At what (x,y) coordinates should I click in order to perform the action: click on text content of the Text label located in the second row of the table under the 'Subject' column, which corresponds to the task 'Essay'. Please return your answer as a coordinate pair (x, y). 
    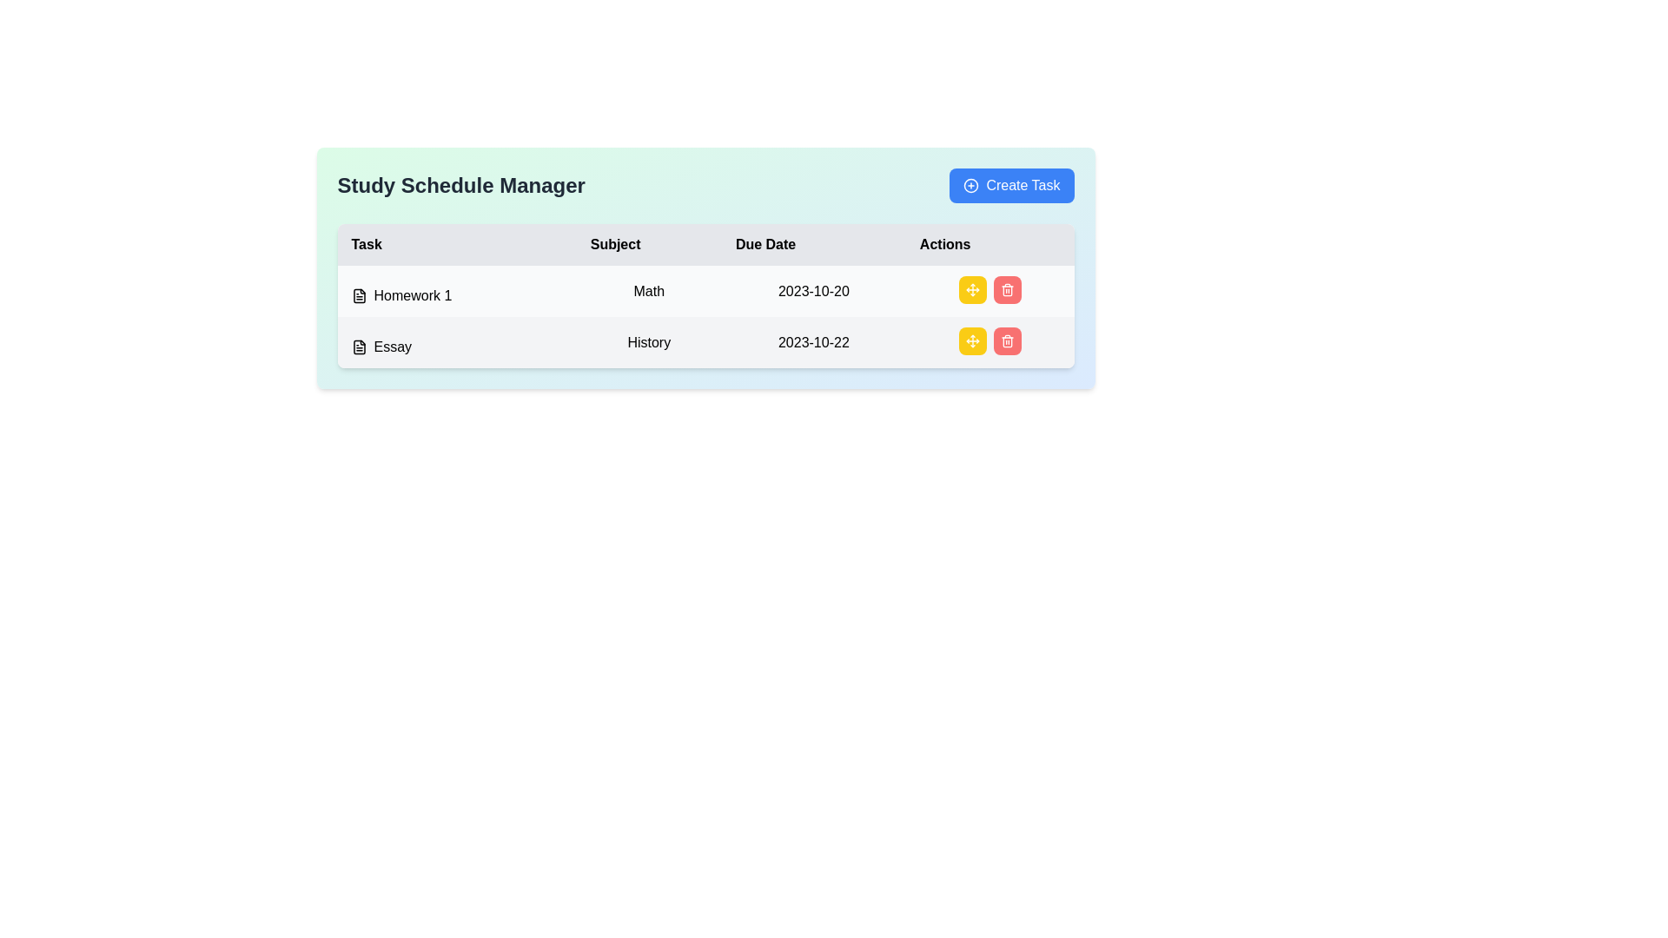
    Looking at the image, I should click on (648, 342).